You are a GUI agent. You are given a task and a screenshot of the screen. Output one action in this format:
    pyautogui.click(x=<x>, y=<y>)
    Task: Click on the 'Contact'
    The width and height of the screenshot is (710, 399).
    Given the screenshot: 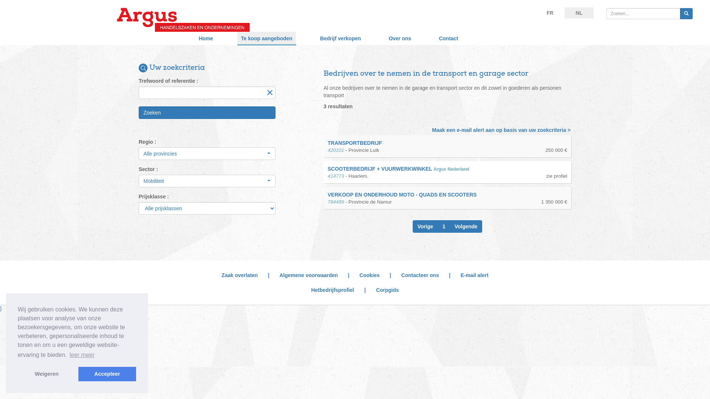 What is the action you would take?
    pyautogui.click(x=448, y=38)
    